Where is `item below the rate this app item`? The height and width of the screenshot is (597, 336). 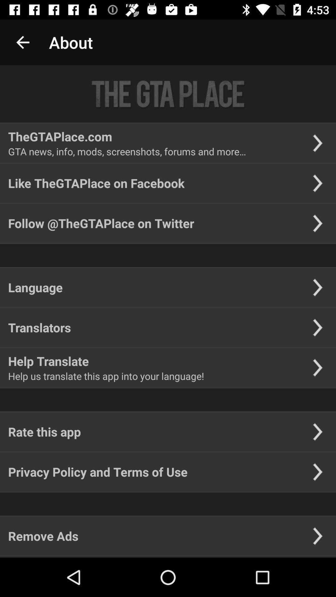
item below the rate this app item is located at coordinates (98, 472).